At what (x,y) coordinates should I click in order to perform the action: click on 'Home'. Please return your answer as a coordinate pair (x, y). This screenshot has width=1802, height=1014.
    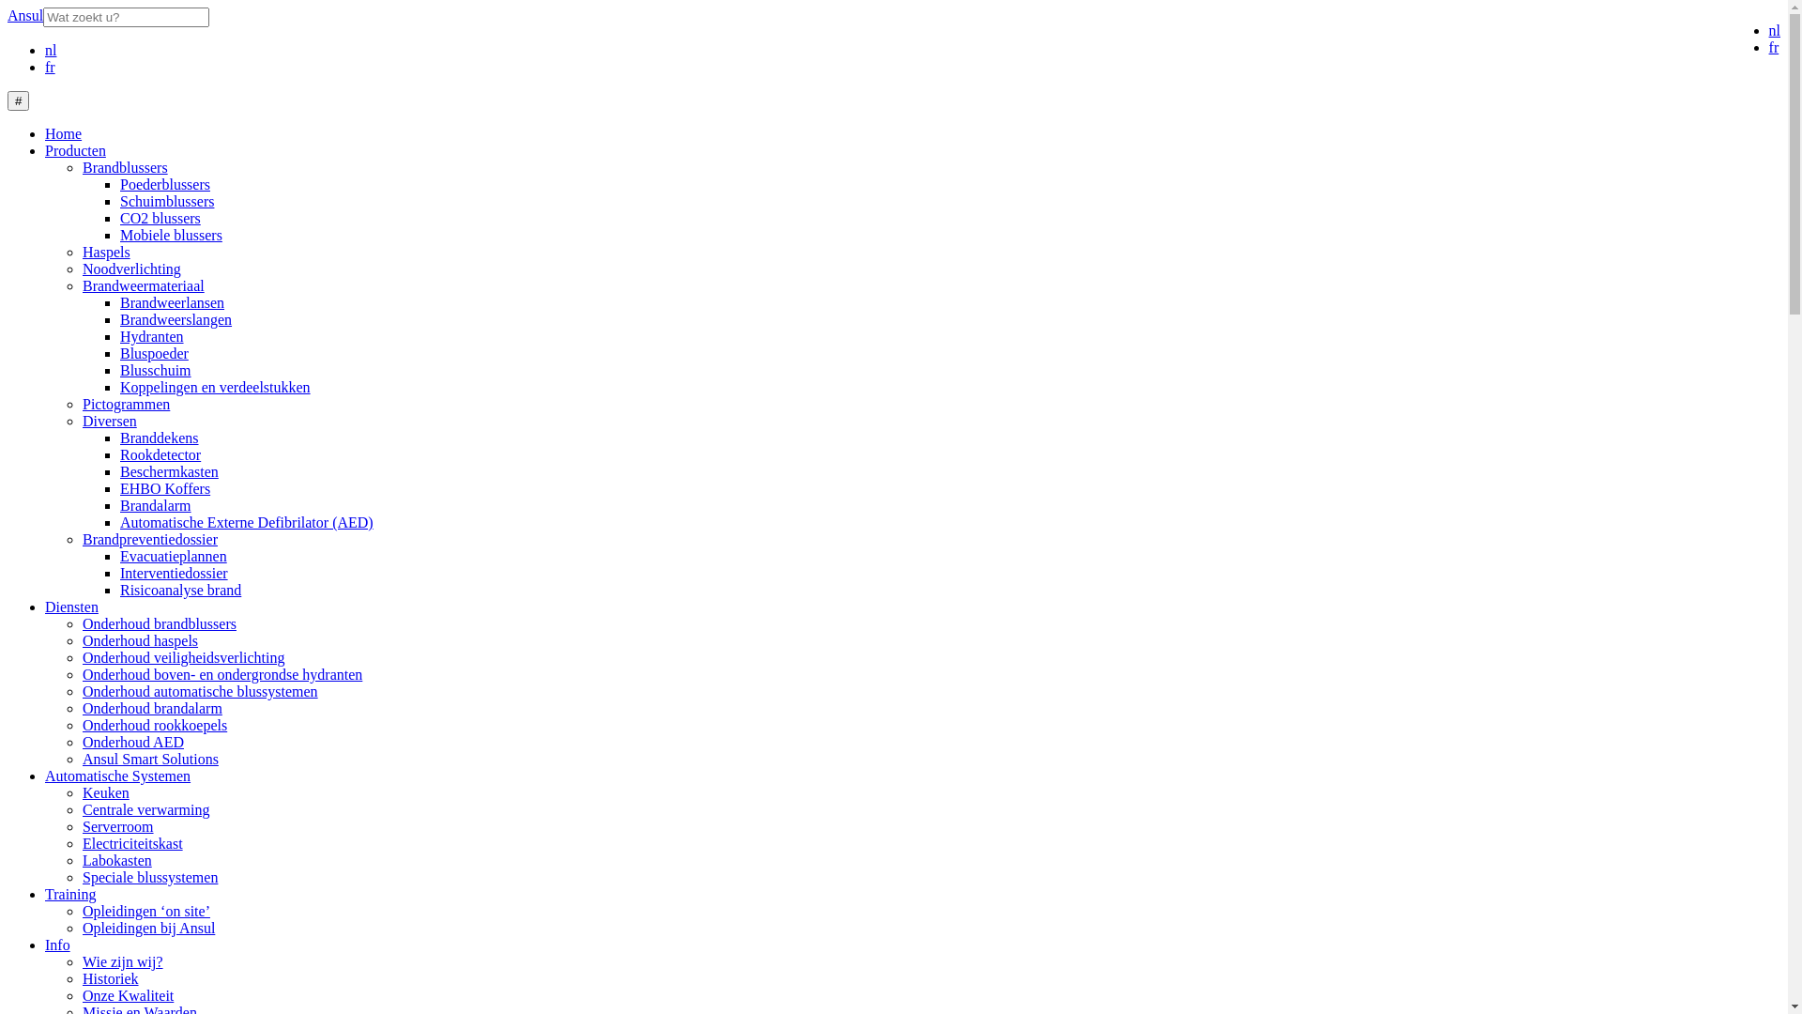
    Looking at the image, I should click on (63, 132).